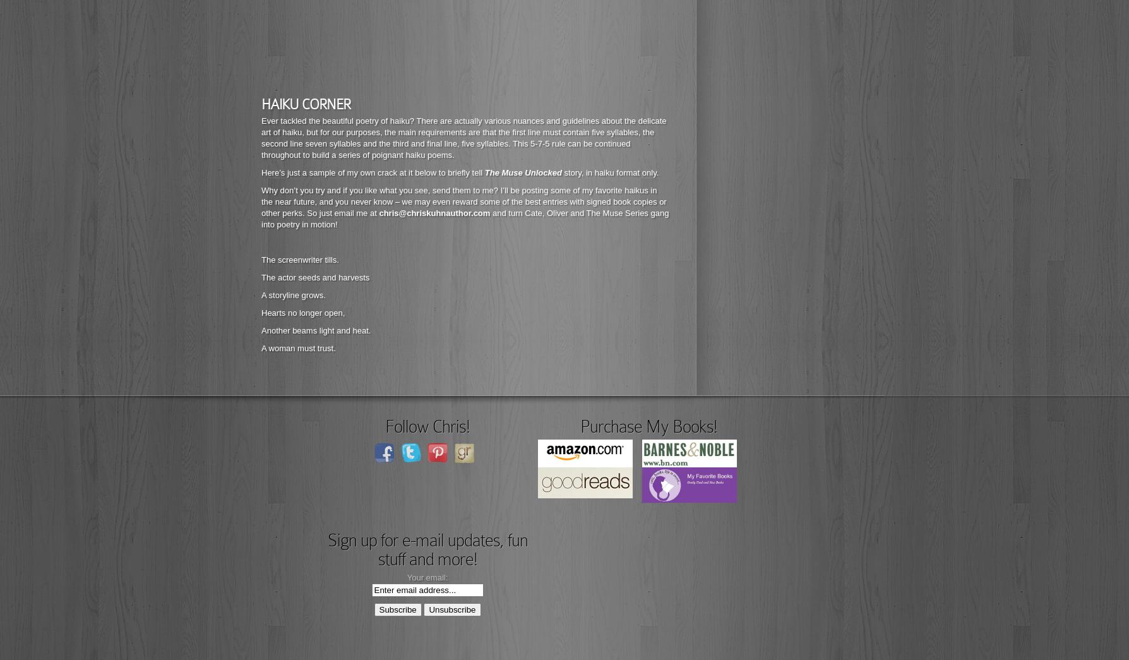 This screenshot has height=660, width=1129. Describe the element at coordinates (648, 426) in the screenshot. I see `'Purchase My Books!'` at that location.